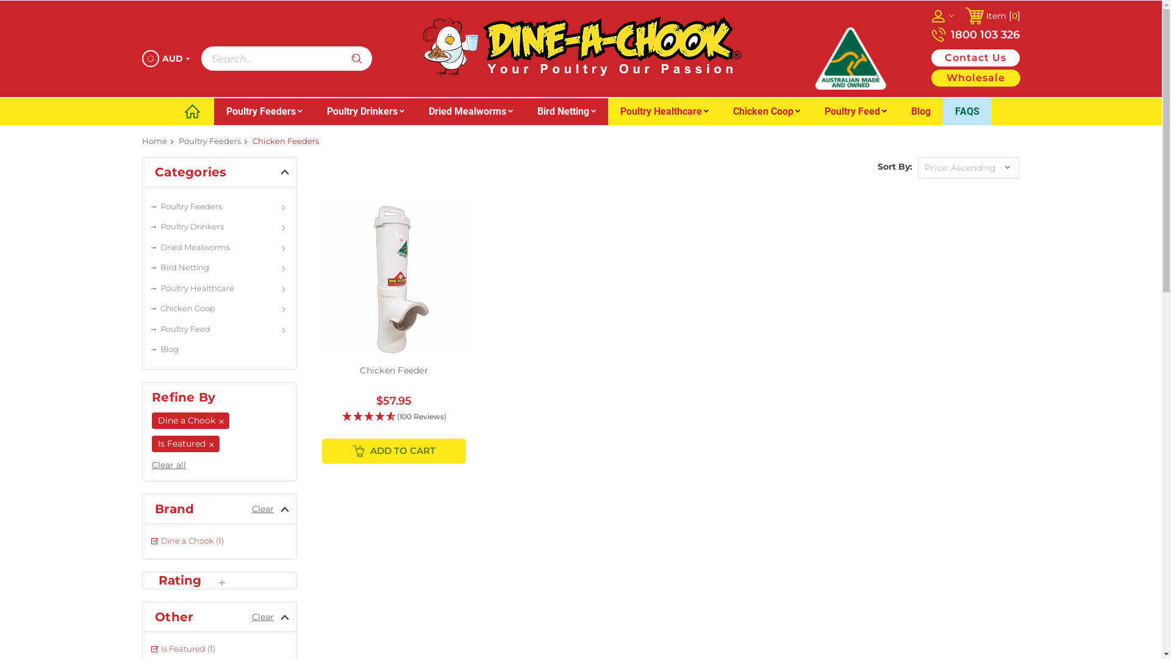 The width and height of the screenshot is (1171, 659). What do you see at coordinates (143, 226) in the screenshot?
I see `'Poultry Drinkers'` at bounding box center [143, 226].